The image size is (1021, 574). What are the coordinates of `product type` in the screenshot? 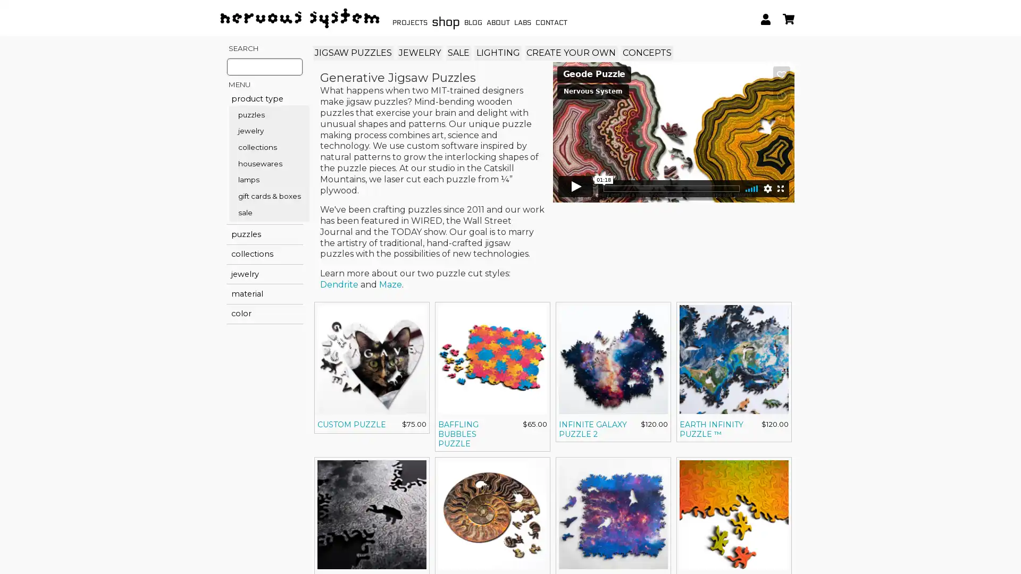 It's located at (264, 98).